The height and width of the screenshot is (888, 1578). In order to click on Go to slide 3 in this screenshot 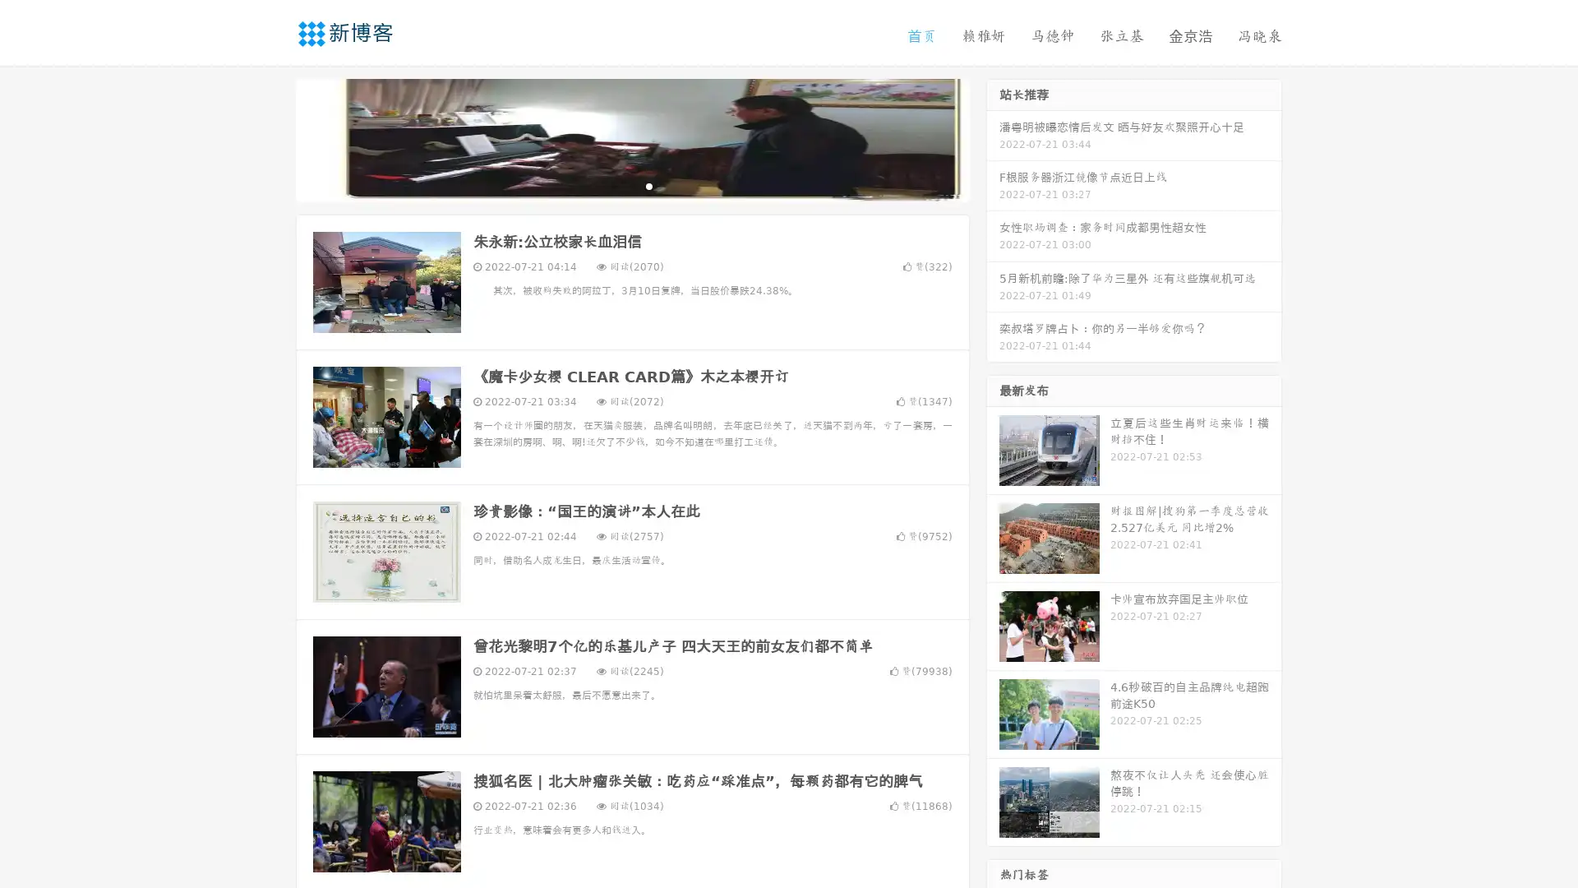, I will do `click(648, 185)`.